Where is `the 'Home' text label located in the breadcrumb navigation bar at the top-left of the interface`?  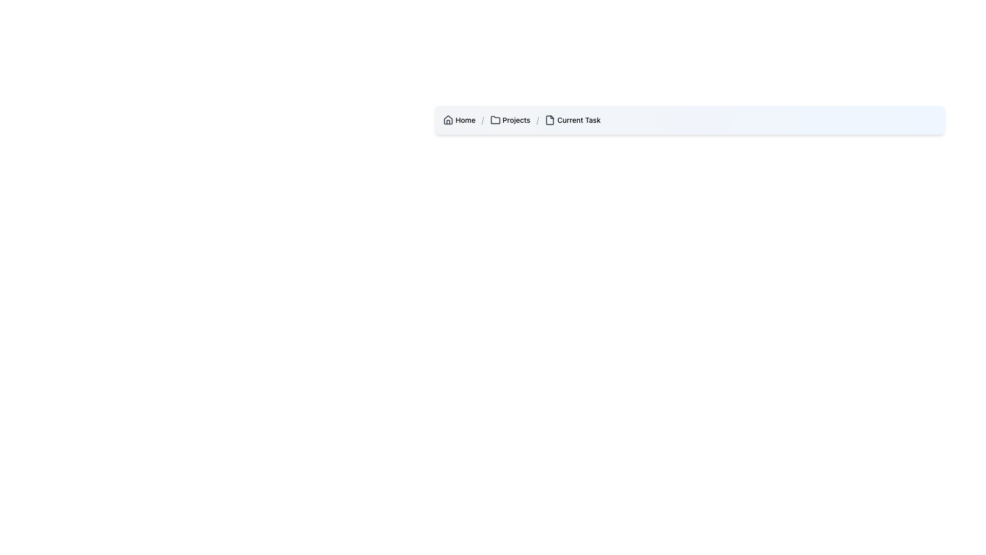
the 'Home' text label located in the breadcrumb navigation bar at the top-left of the interface is located at coordinates (465, 120).